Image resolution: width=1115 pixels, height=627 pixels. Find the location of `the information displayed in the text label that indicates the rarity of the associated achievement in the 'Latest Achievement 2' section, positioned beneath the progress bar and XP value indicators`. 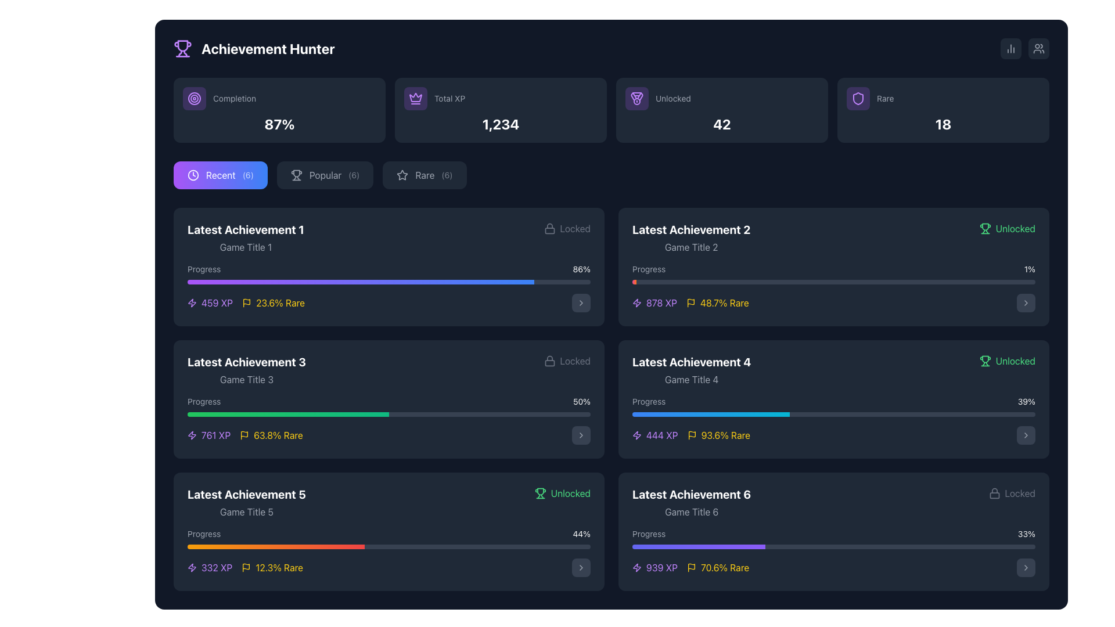

the information displayed in the text label that indicates the rarity of the associated achievement in the 'Latest Achievement 2' section, positioned beneath the progress bar and XP value indicators is located at coordinates (724, 302).